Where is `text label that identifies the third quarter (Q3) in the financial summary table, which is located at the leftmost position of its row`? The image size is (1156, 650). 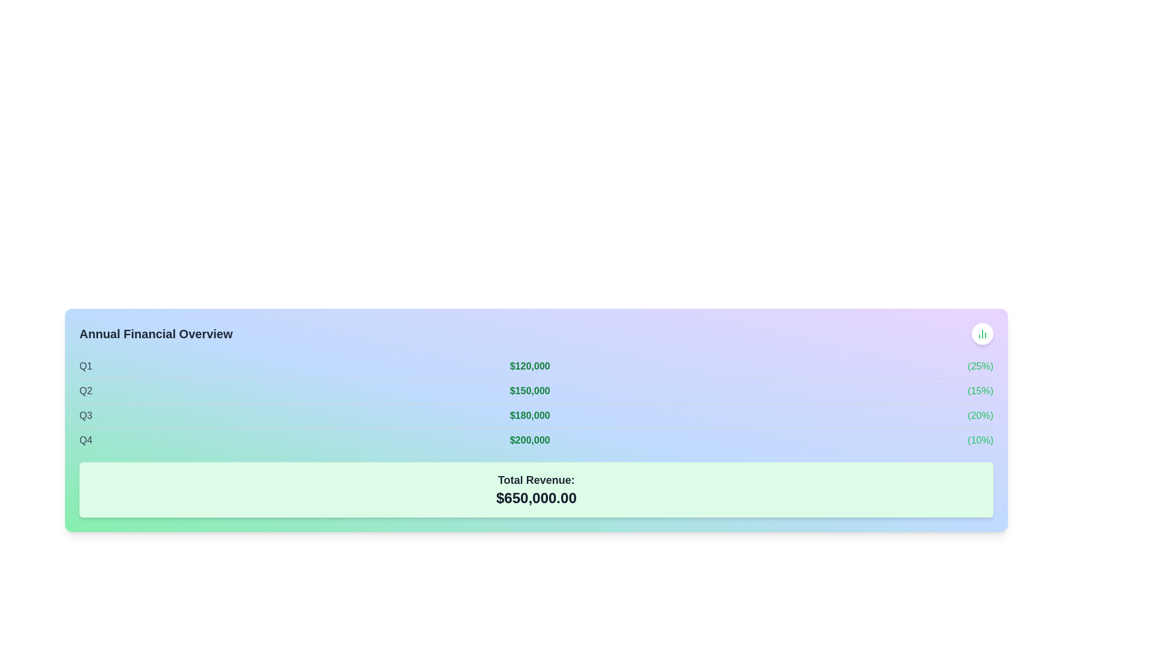 text label that identifies the third quarter (Q3) in the financial summary table, which is located at the leftmost position of its row is located at coordinates (85, 415).